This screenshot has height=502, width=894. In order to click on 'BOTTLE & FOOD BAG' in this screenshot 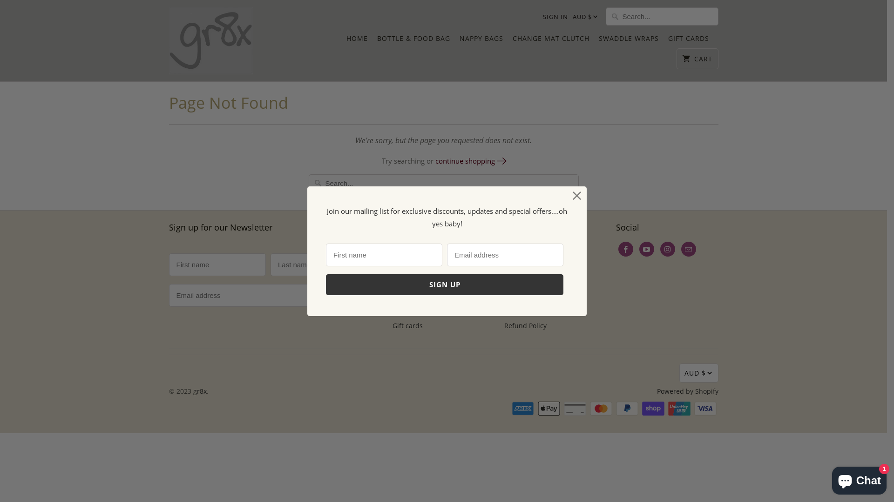, I will do `click(377, 40)`.